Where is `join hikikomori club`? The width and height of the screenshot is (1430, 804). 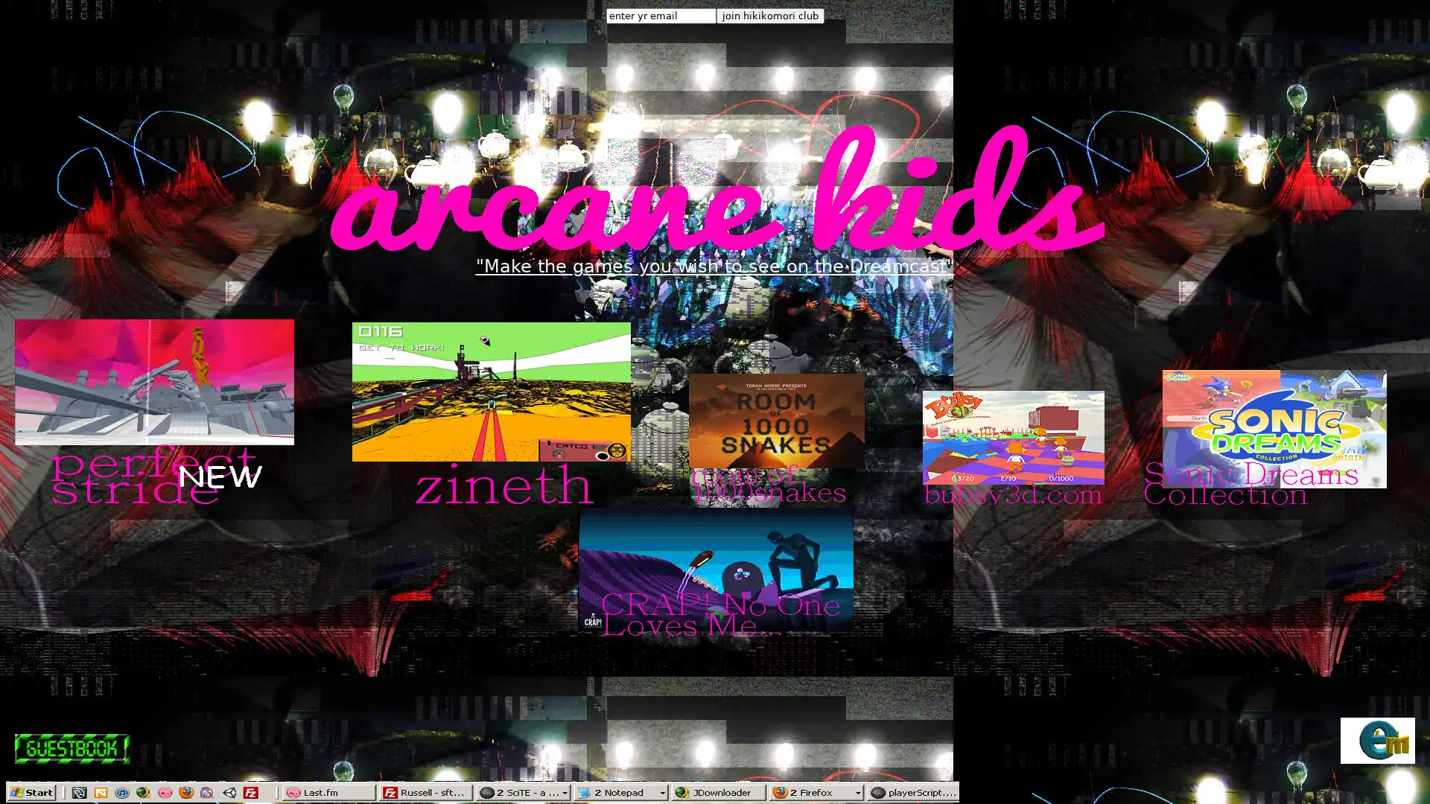
join hikikomori club is located at coordinates (769, 16).